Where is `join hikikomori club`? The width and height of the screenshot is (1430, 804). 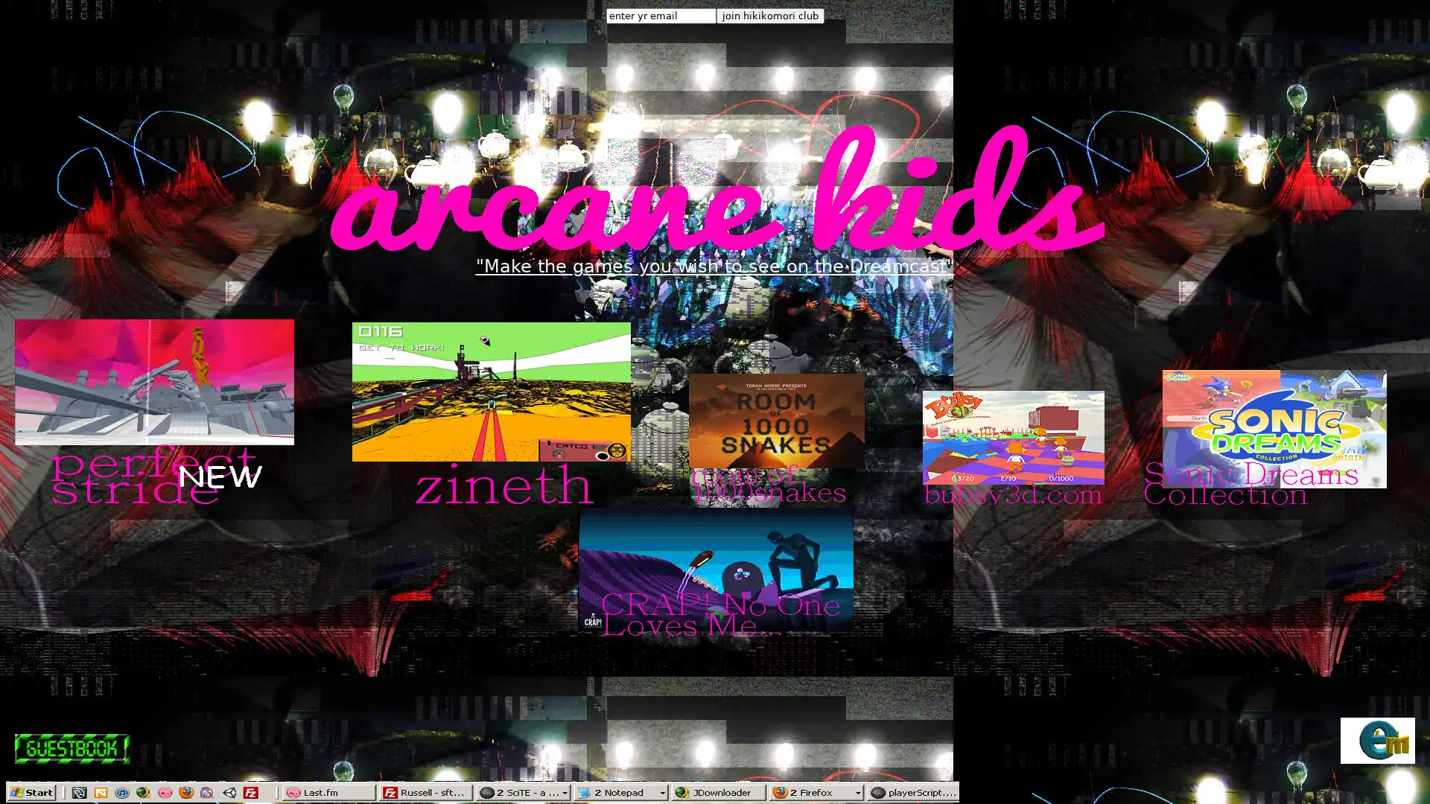
join hikikomori club is located at coordinates (769, 16).